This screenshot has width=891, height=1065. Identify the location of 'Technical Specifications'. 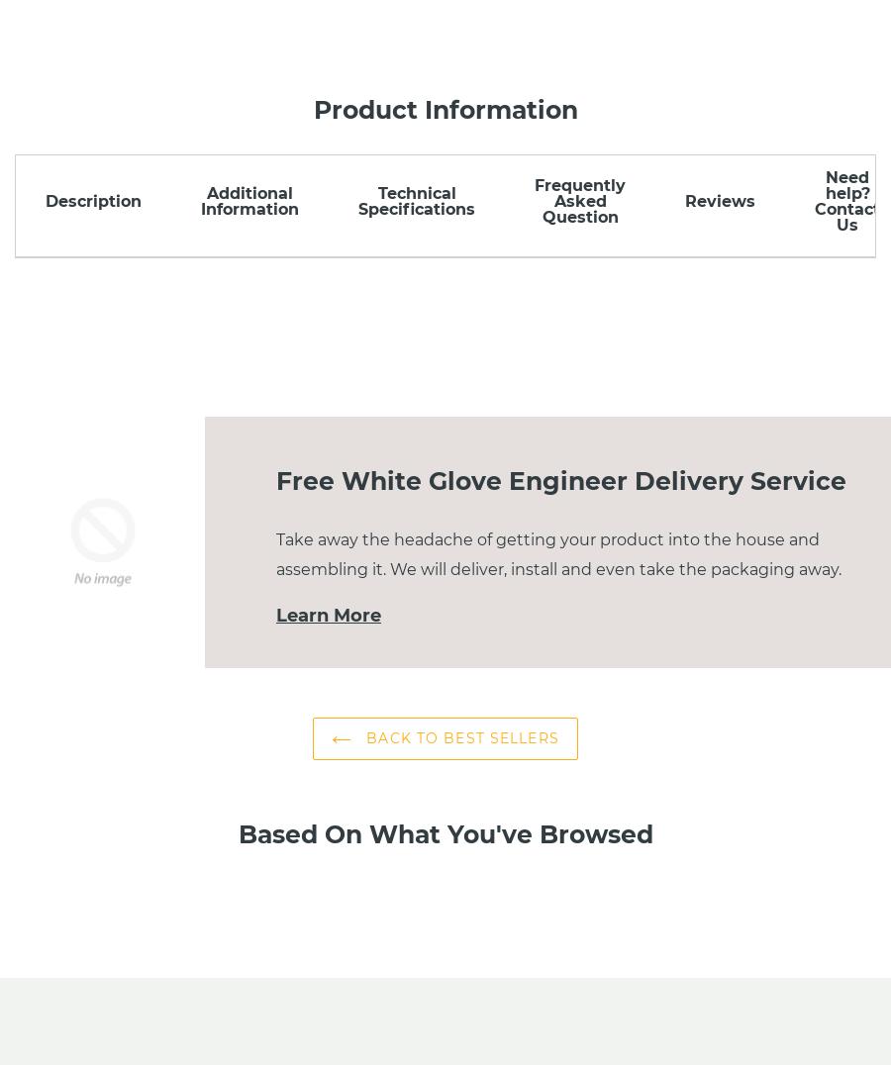
(417, 200).